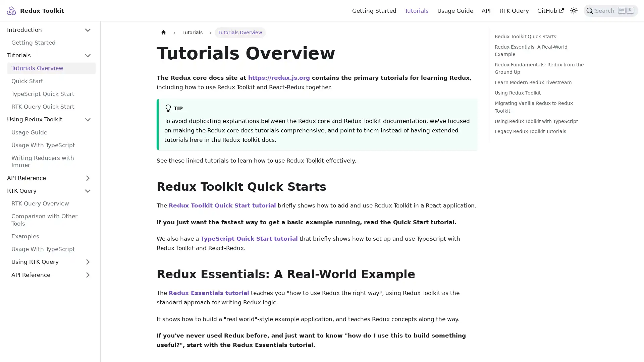 The width and height of the screenshot is (644, 362). I want to click on Switch between dark and light mode (currently light mode), so click(573, 10).